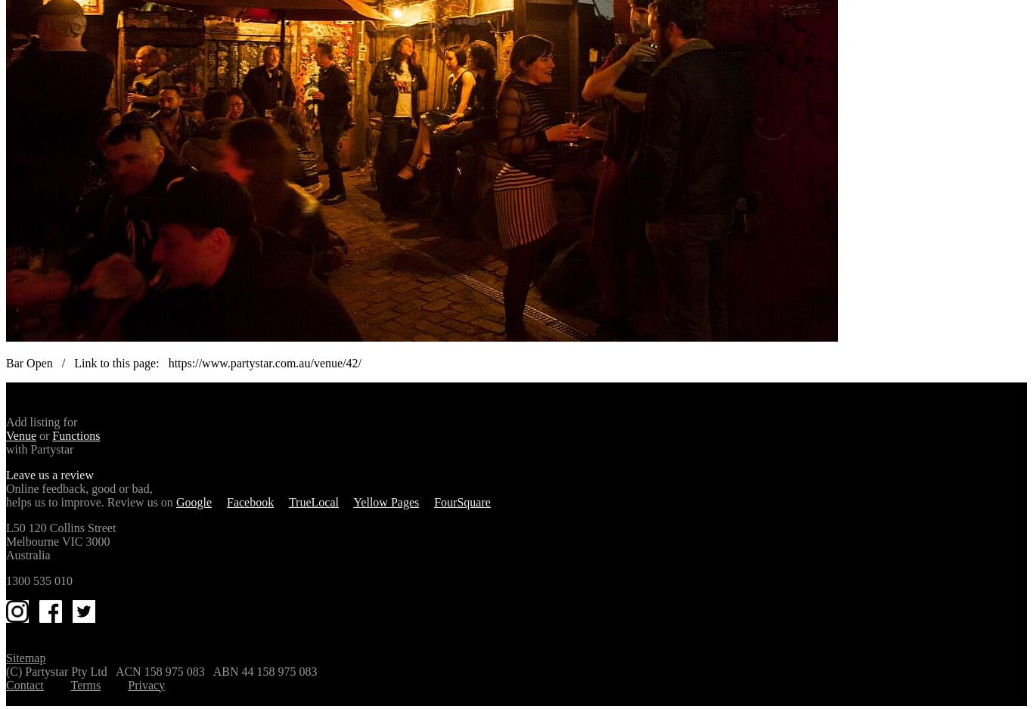  Describe the element at coordinates (89, 500) in the screenshot. I see `'helps us to improve. Review us on'` at that location.